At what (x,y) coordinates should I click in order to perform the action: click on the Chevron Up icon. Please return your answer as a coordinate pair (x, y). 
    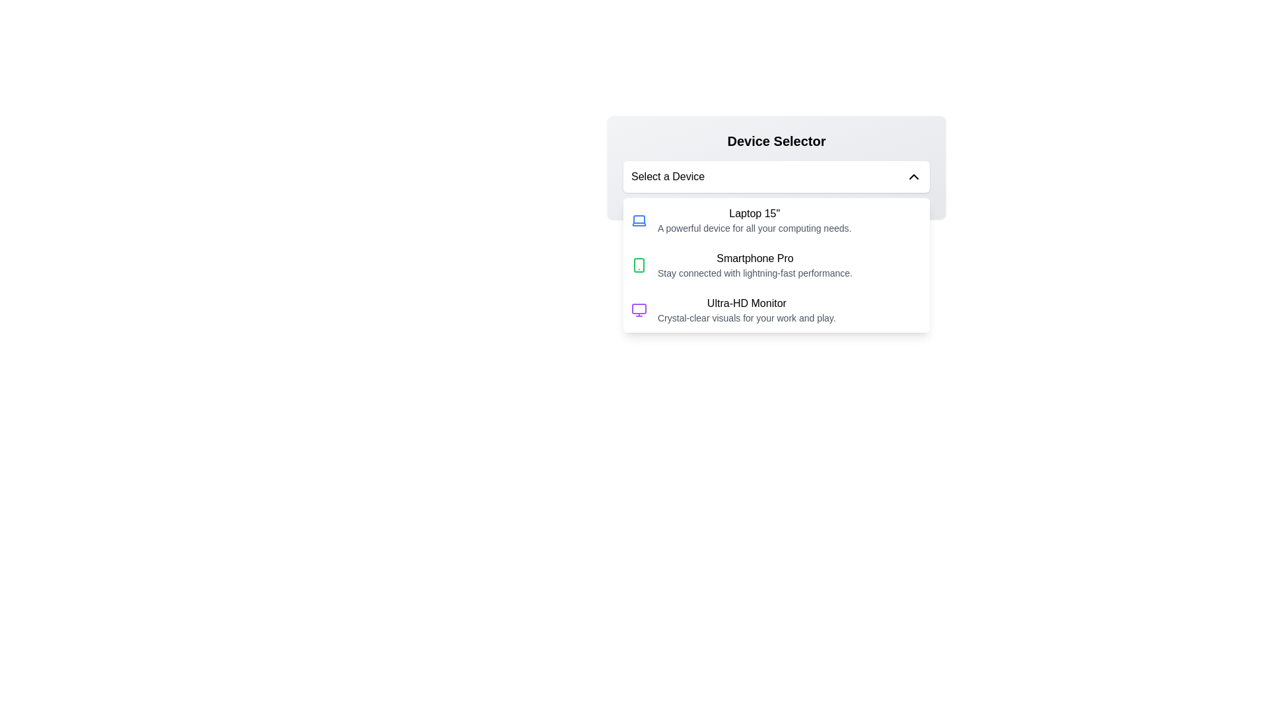
    Looking at the image, I should click on (913, 176).